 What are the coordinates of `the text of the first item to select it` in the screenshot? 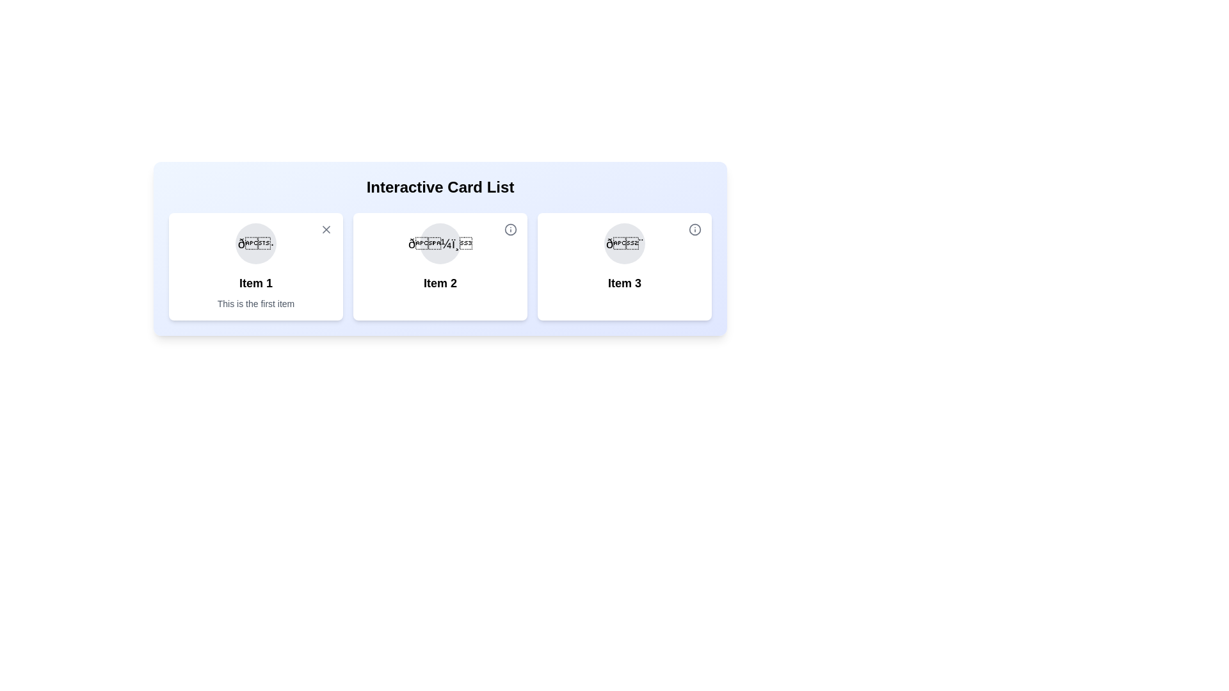 It's located at (255, 283).